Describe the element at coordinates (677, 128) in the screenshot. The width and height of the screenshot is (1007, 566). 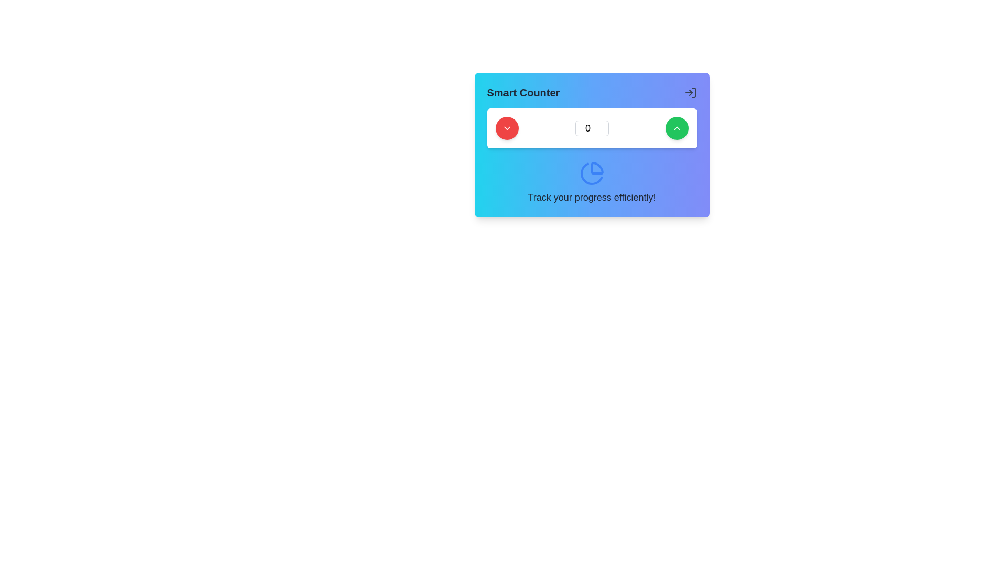
I see `the upward-pointing chevron icon, which is styled with a thin outline and positioned inside a green circular button at the top-right corner of the Smart Counter card interface` at that location.